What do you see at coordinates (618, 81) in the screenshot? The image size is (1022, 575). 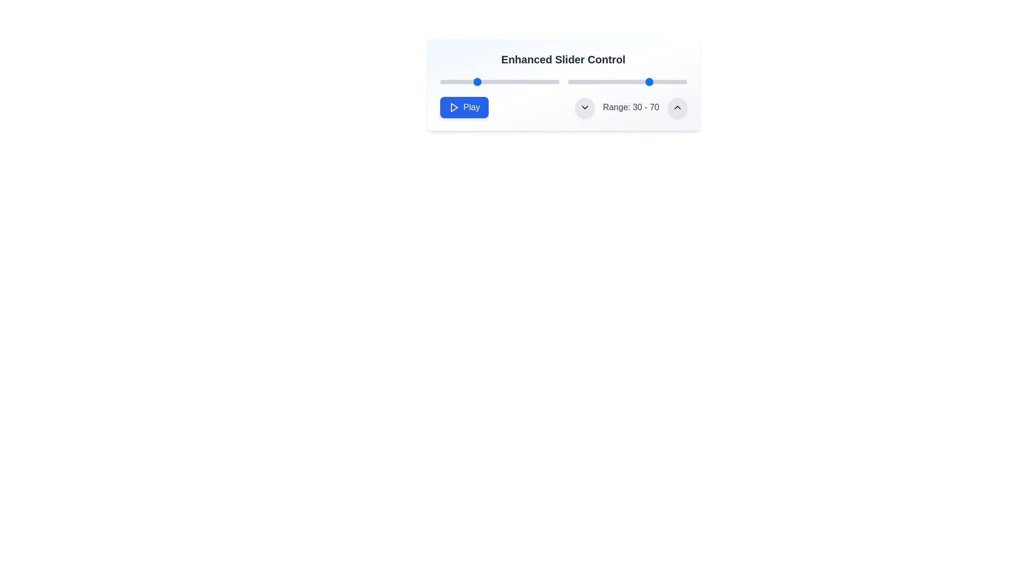 I see `the slider value` at bounding box center [618, 81].